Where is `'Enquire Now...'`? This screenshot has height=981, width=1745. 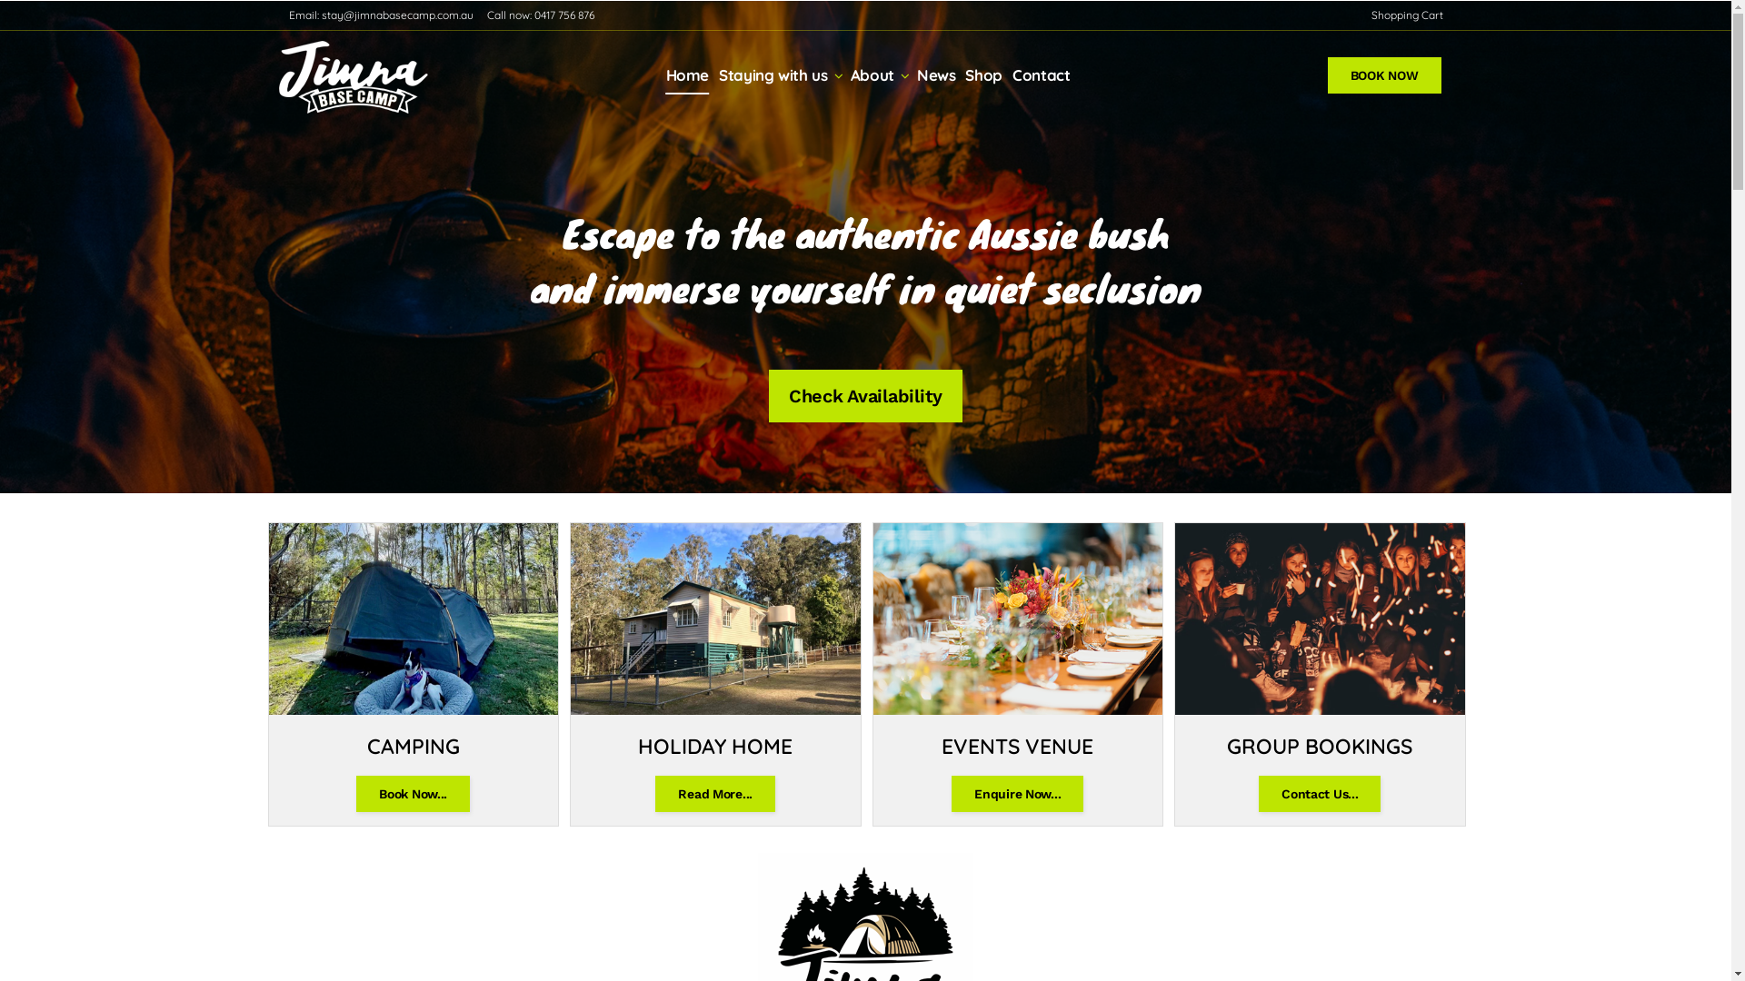
'Enquire Now...' is located at coordinates (950, 793).